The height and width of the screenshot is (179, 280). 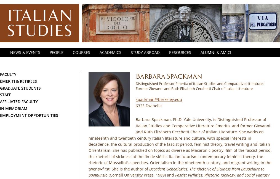 What do you see at coordinates (5, 95) in the screenshot?
I see `'Staff'` at bounding box center [5, 95].